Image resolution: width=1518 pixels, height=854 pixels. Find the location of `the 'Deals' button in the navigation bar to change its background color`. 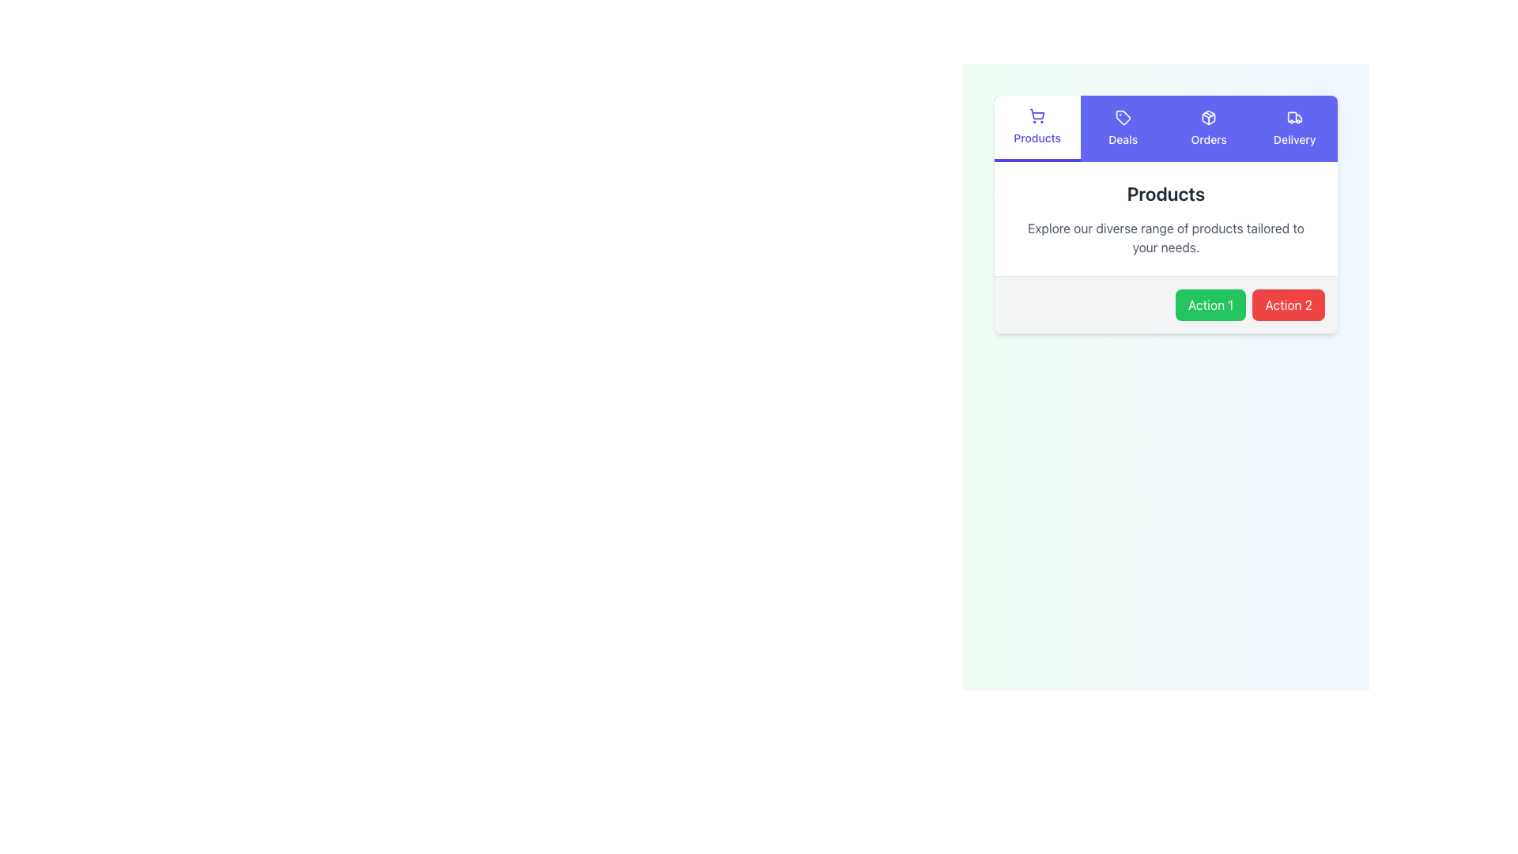

the 'Deals' button in the navigation bar to change its background color is located at coordinates (1122, 127).